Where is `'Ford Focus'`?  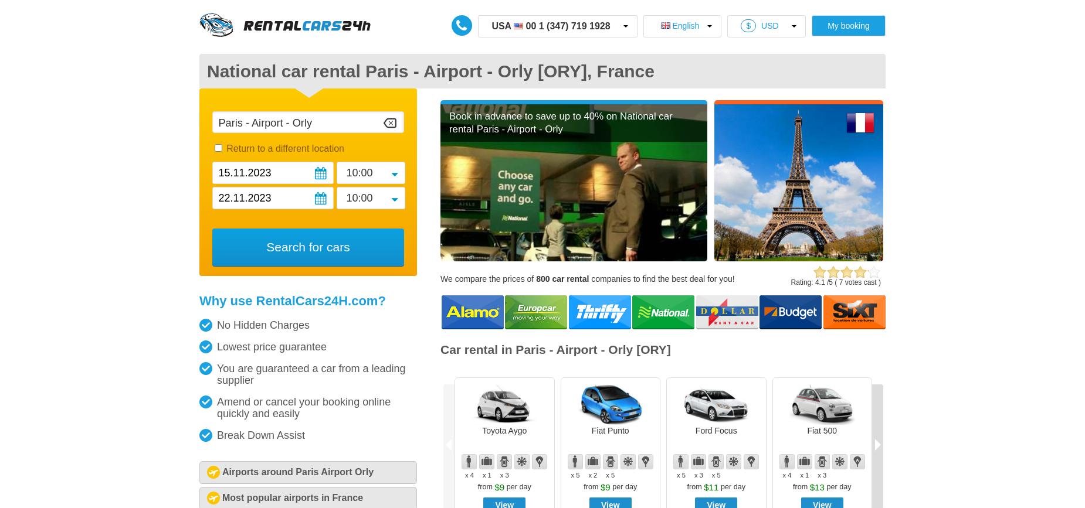 'Ford Focus' is located at coordinates (694, 429).